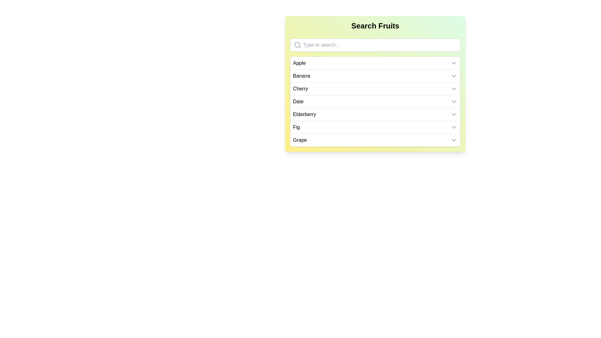  Describe the element at coordinates (297, 44) in the screenshot. I see `the circular gray search icon, which is positioned at the left end of the search bar inside a list interface` at that location.